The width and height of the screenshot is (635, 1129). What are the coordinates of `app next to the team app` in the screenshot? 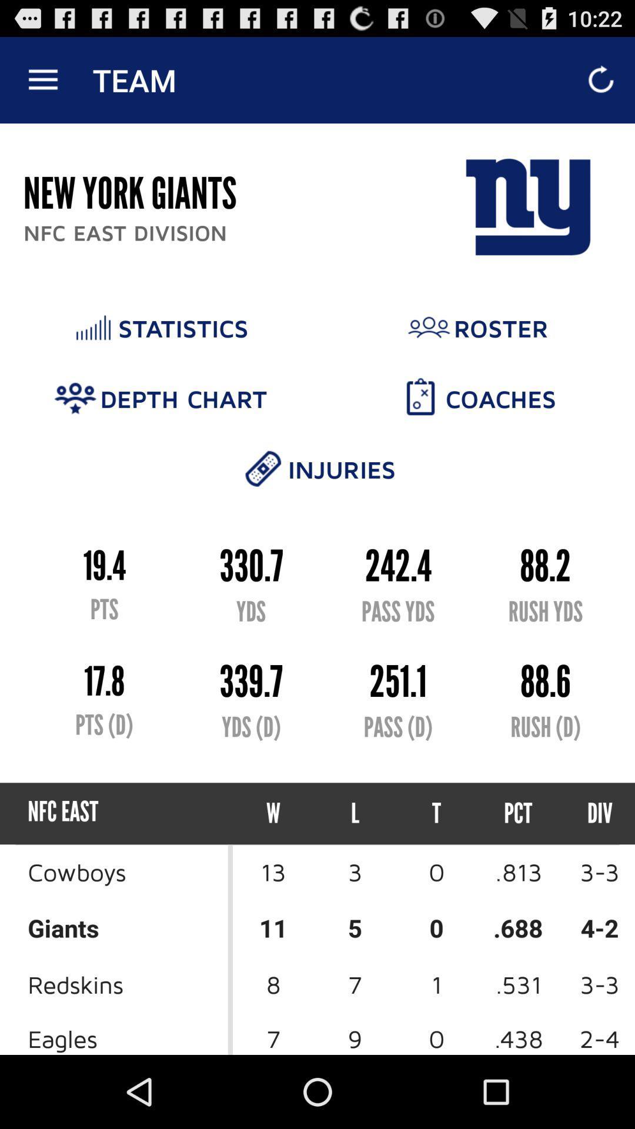 It's located at (42, 79).